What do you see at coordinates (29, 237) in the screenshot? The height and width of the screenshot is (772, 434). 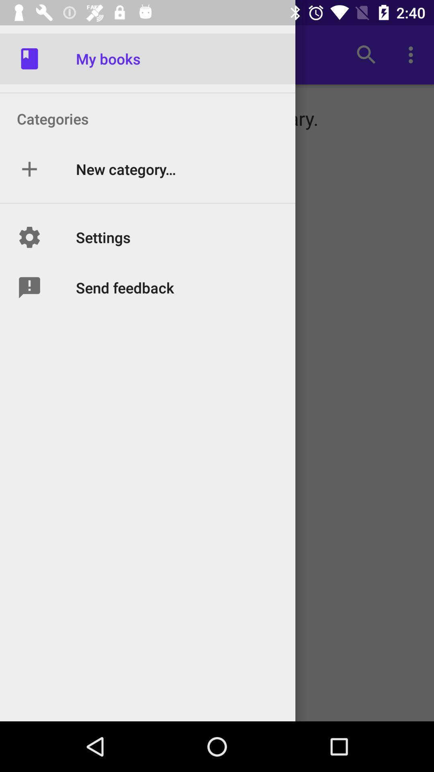 I see `the option beside text settings` at bounding box center [29, 237].